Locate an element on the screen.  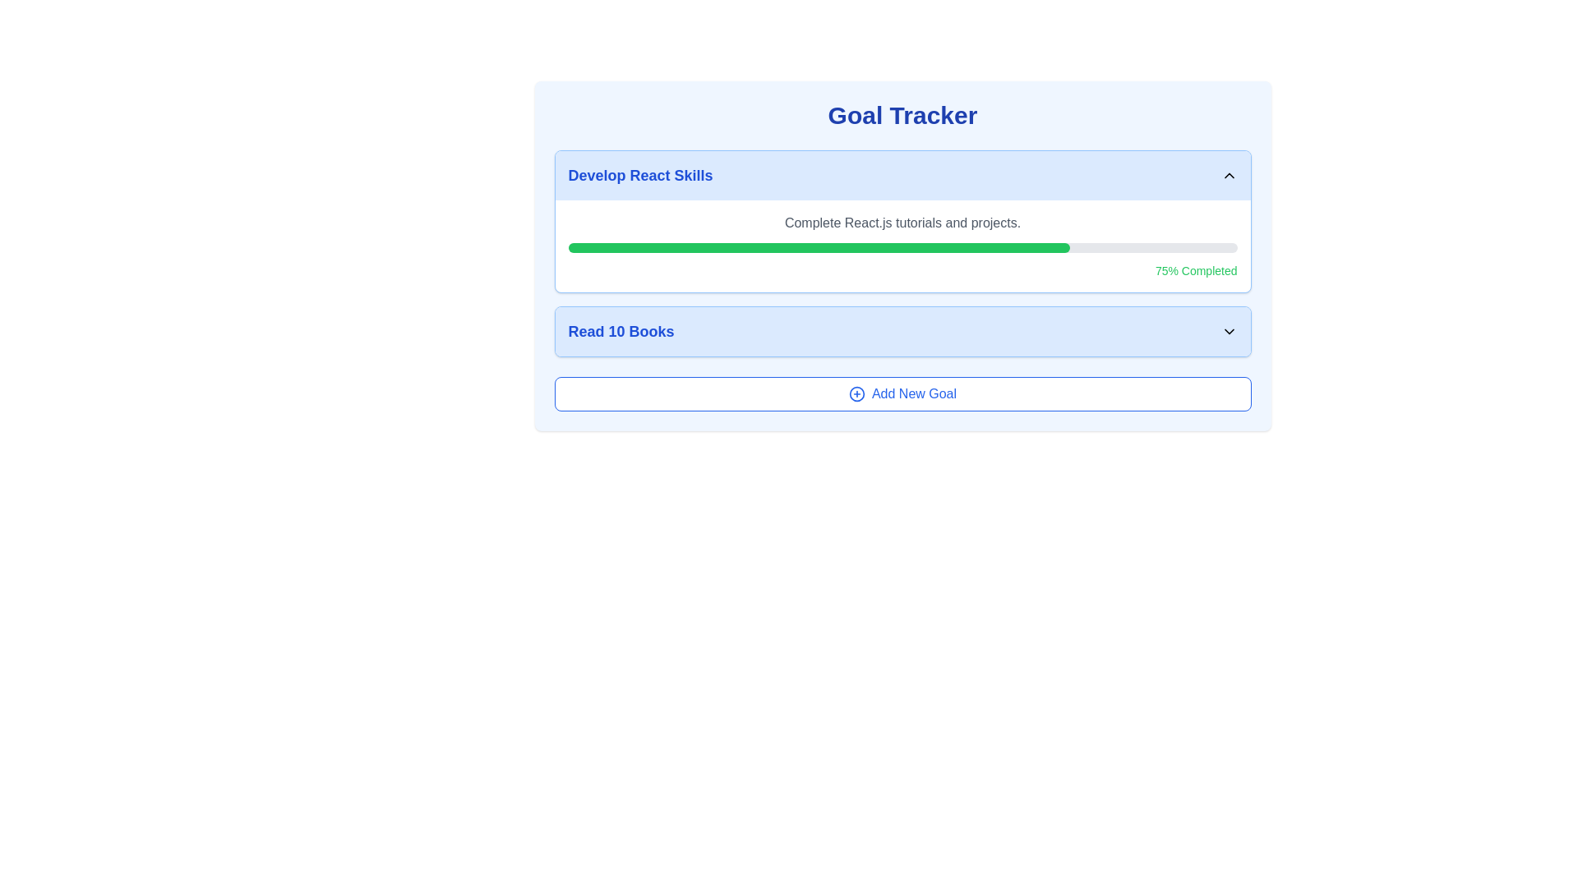
the circular icon with a blue border and a centered plus symbol, which is located to the left of the text 'Add New Goal' in the button at the bottom section of the interface is located at coordinates (856, 393).